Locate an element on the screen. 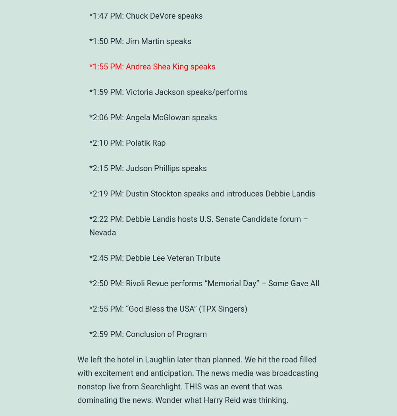  '*2:10 PM: Polatik Rap' is located at coordinates (127, 142).